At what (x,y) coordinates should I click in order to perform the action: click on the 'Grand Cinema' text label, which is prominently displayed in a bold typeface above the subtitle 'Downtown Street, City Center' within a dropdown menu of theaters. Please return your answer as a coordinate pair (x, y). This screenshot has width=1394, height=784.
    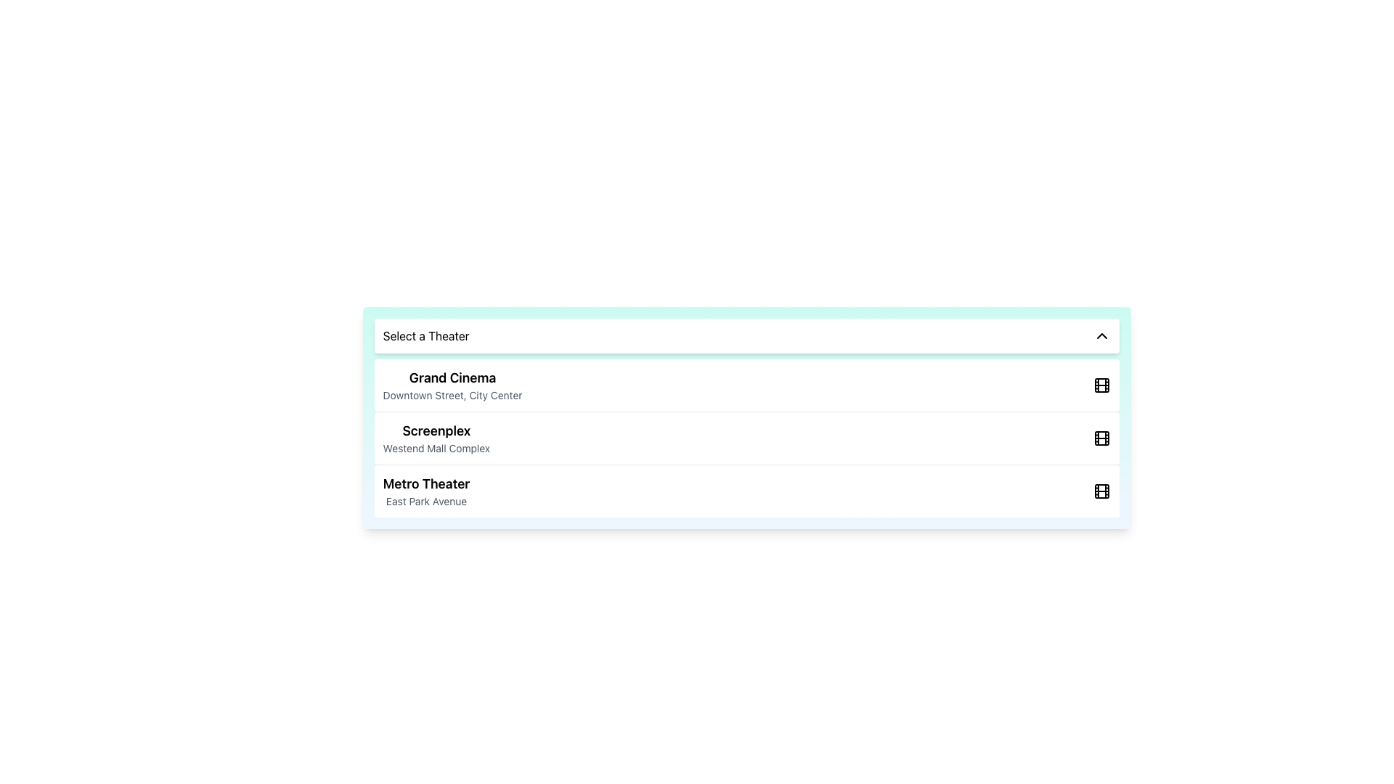
    Looking at the image, I should click on (452, 377).